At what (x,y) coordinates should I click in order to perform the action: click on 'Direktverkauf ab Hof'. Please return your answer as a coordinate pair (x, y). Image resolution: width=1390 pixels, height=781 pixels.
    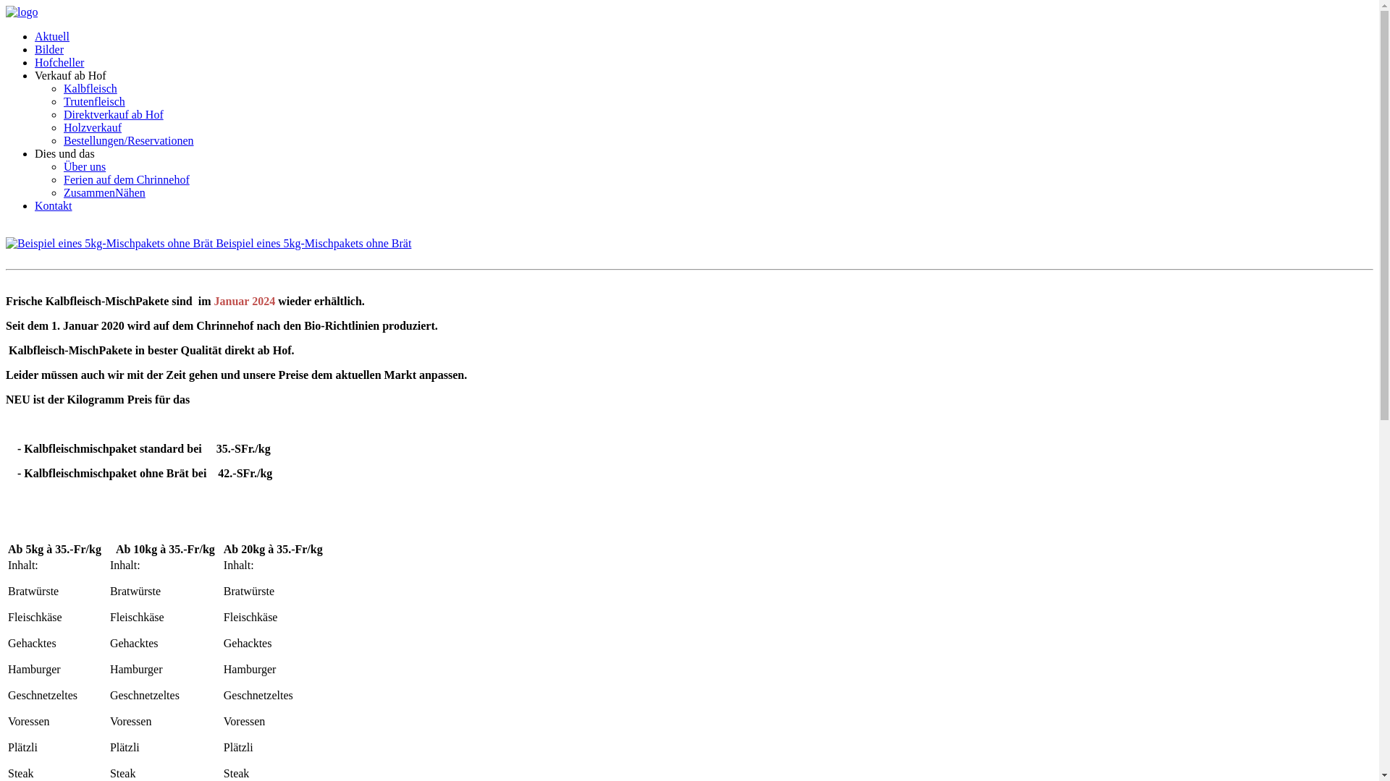
    Looking at the image, I should click on (113, 114).